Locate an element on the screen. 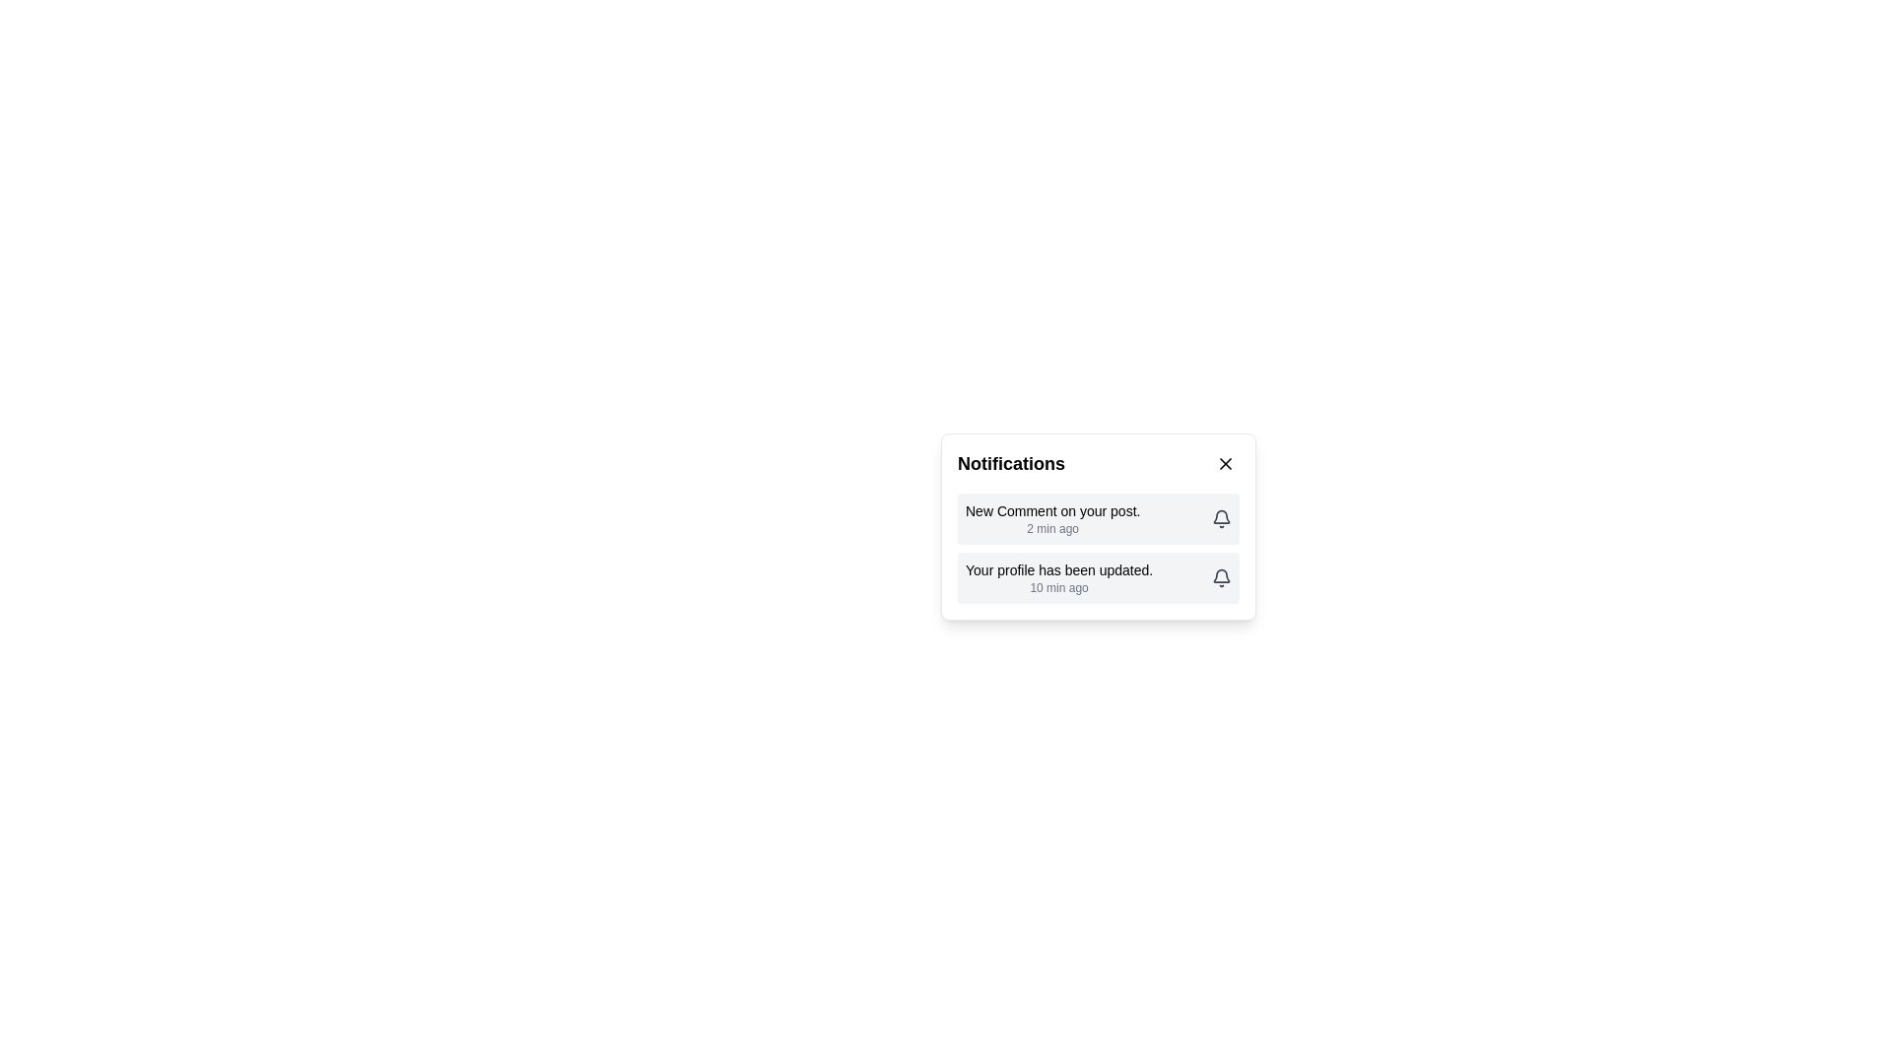  the notification message about an update to the user's profile, which is the second entry in the notification dropdown is located at coordinates (1058, 576).